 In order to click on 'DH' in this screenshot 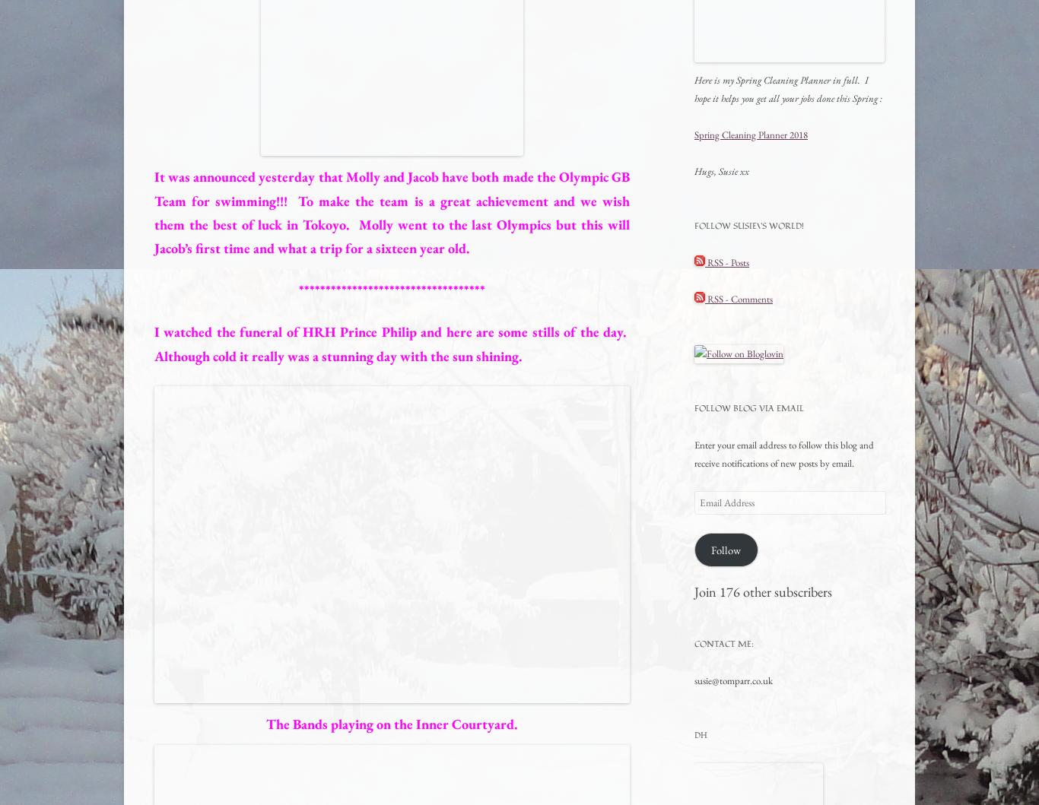, I will do `click(701, 734)`.